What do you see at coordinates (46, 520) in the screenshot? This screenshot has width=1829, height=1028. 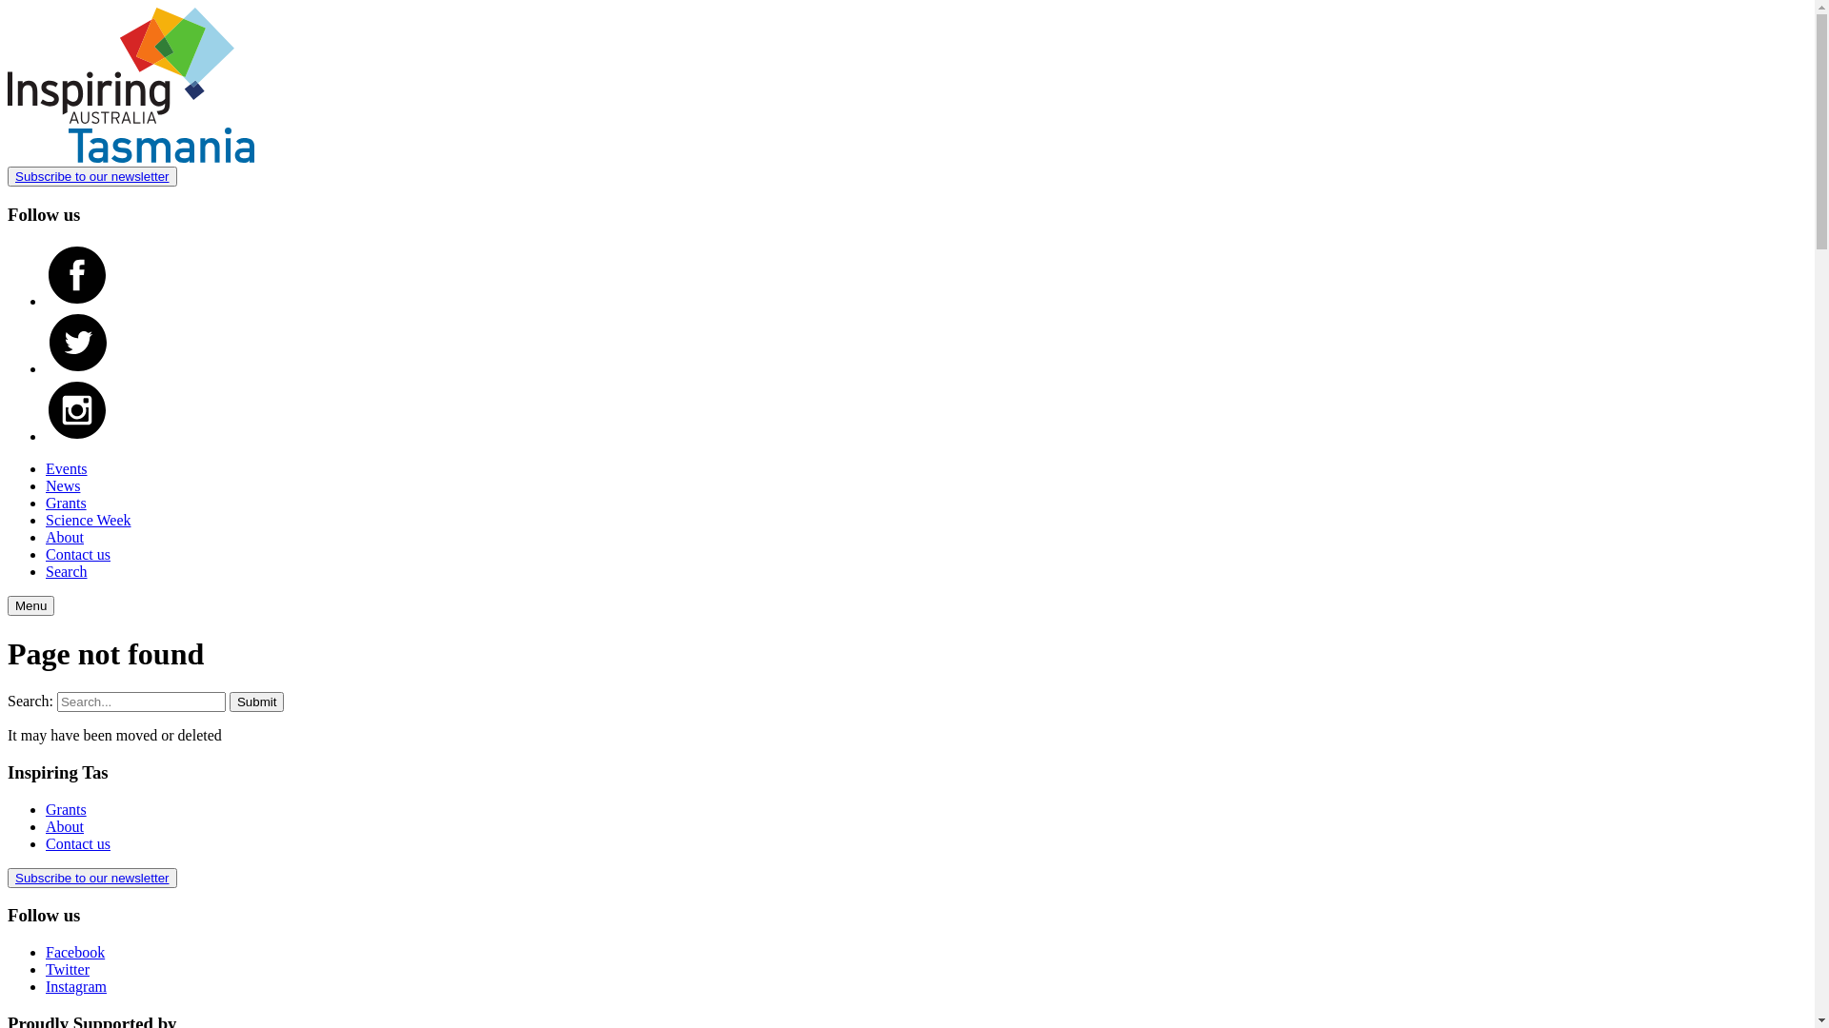 I see `'Science Week'` at bounding box center [46, 520].